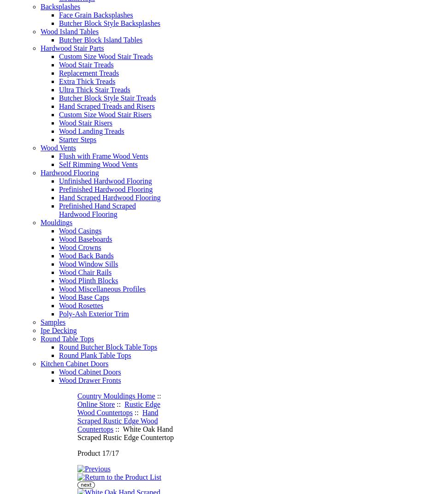 The image size is (446, 494). What do you see at coordinates (106, 97) in the screenshot?
I see `'Butcher Block Style Stair Treads'` at bounding box center [106, 97].